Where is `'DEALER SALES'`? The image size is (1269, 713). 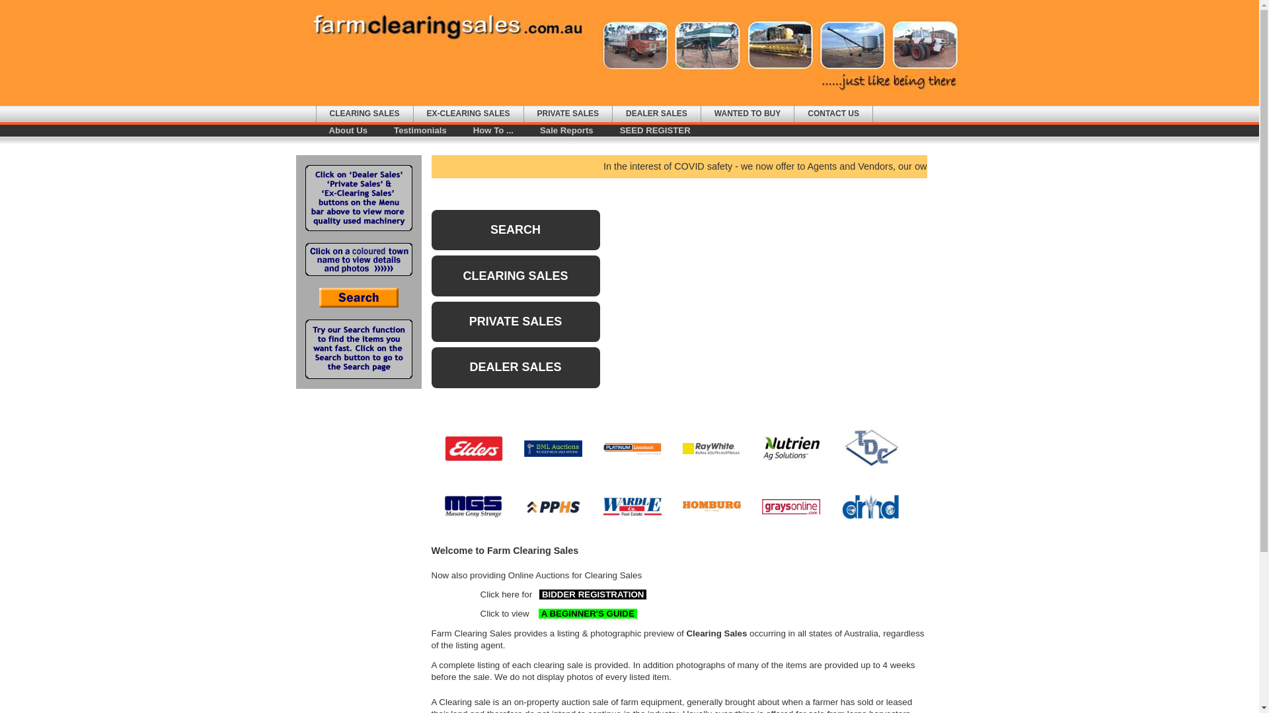
'DEALER SALES' is located at coordinates (514, 367).